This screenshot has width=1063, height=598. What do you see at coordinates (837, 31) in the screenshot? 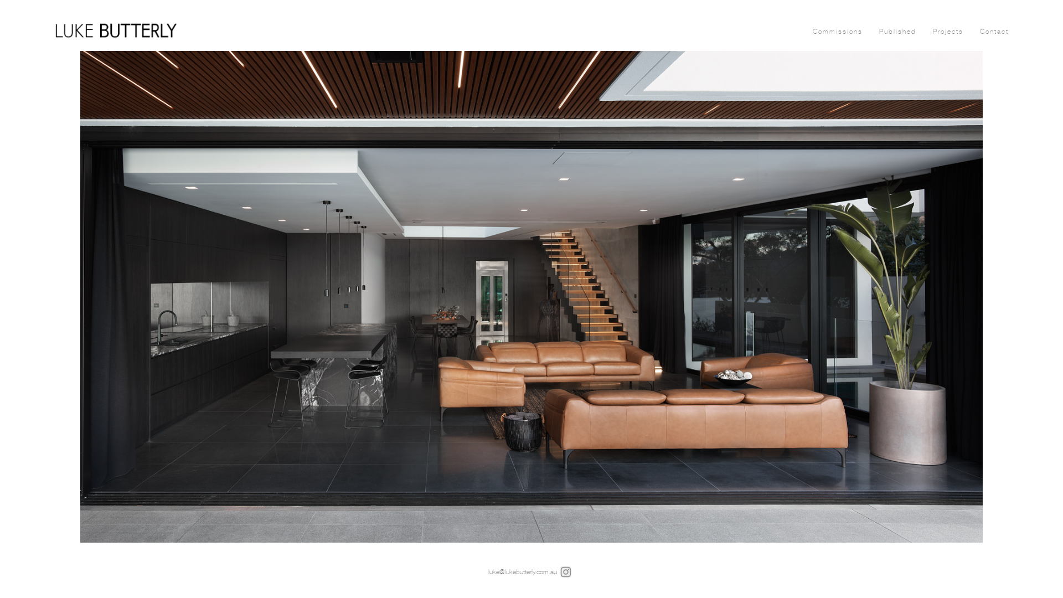
I see `'Commissions'` at bounding box center [837, 31].